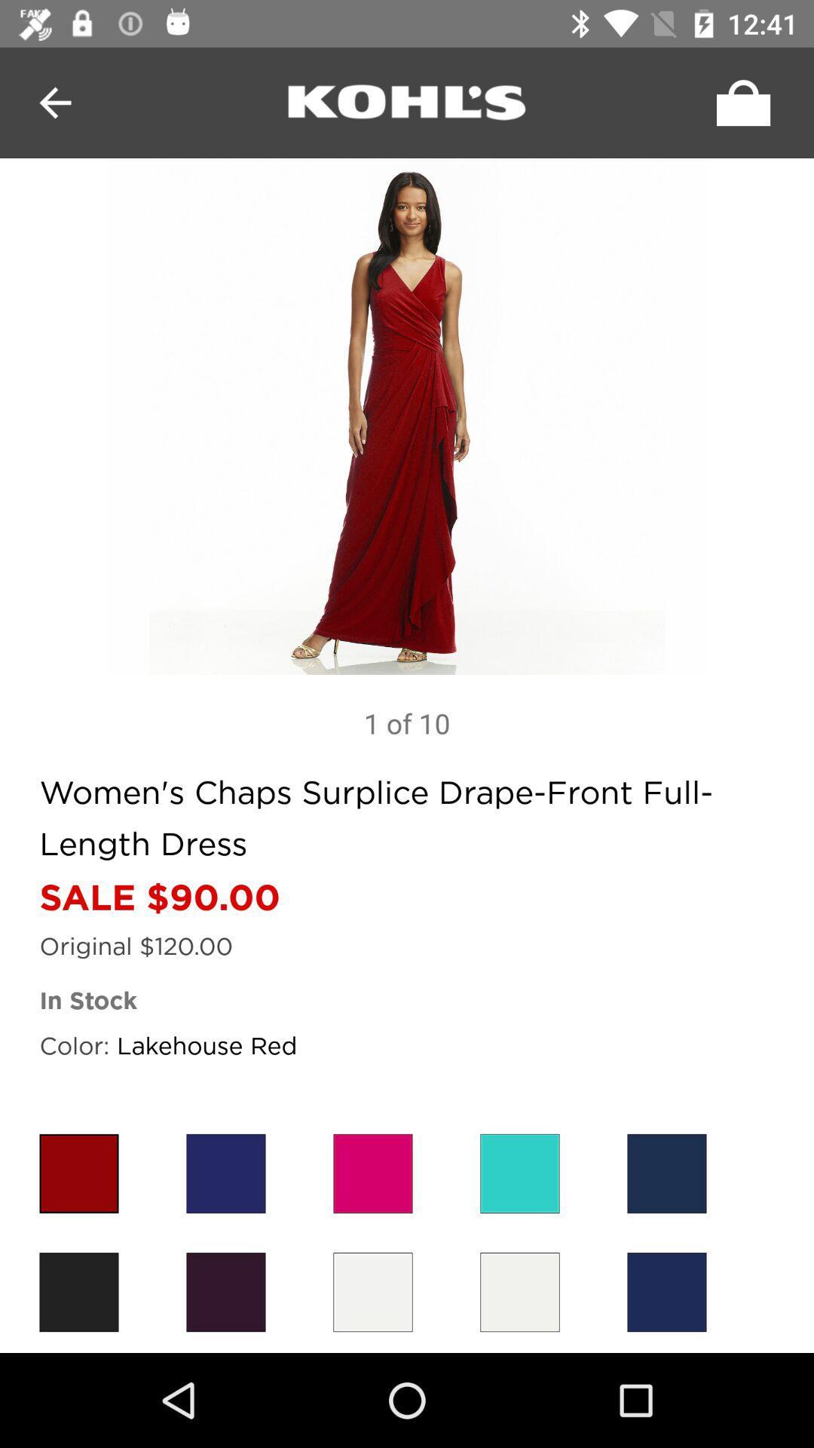 This screenshot has width=814, height=1448. I want to click on the star icon, so click(78, 1173).